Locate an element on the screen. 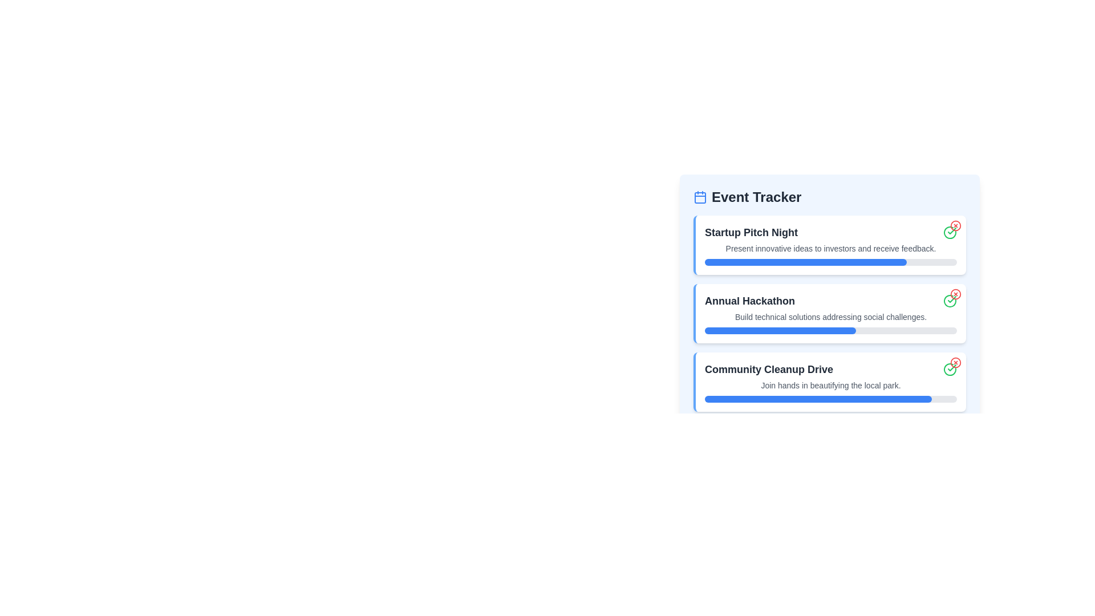 The image size is (1095, 616). the circular green check symbol located in the middle row of a card-like interface, which is the leftmost component in the icon group next to a text and progress bar is located at coordinates (950, 232).